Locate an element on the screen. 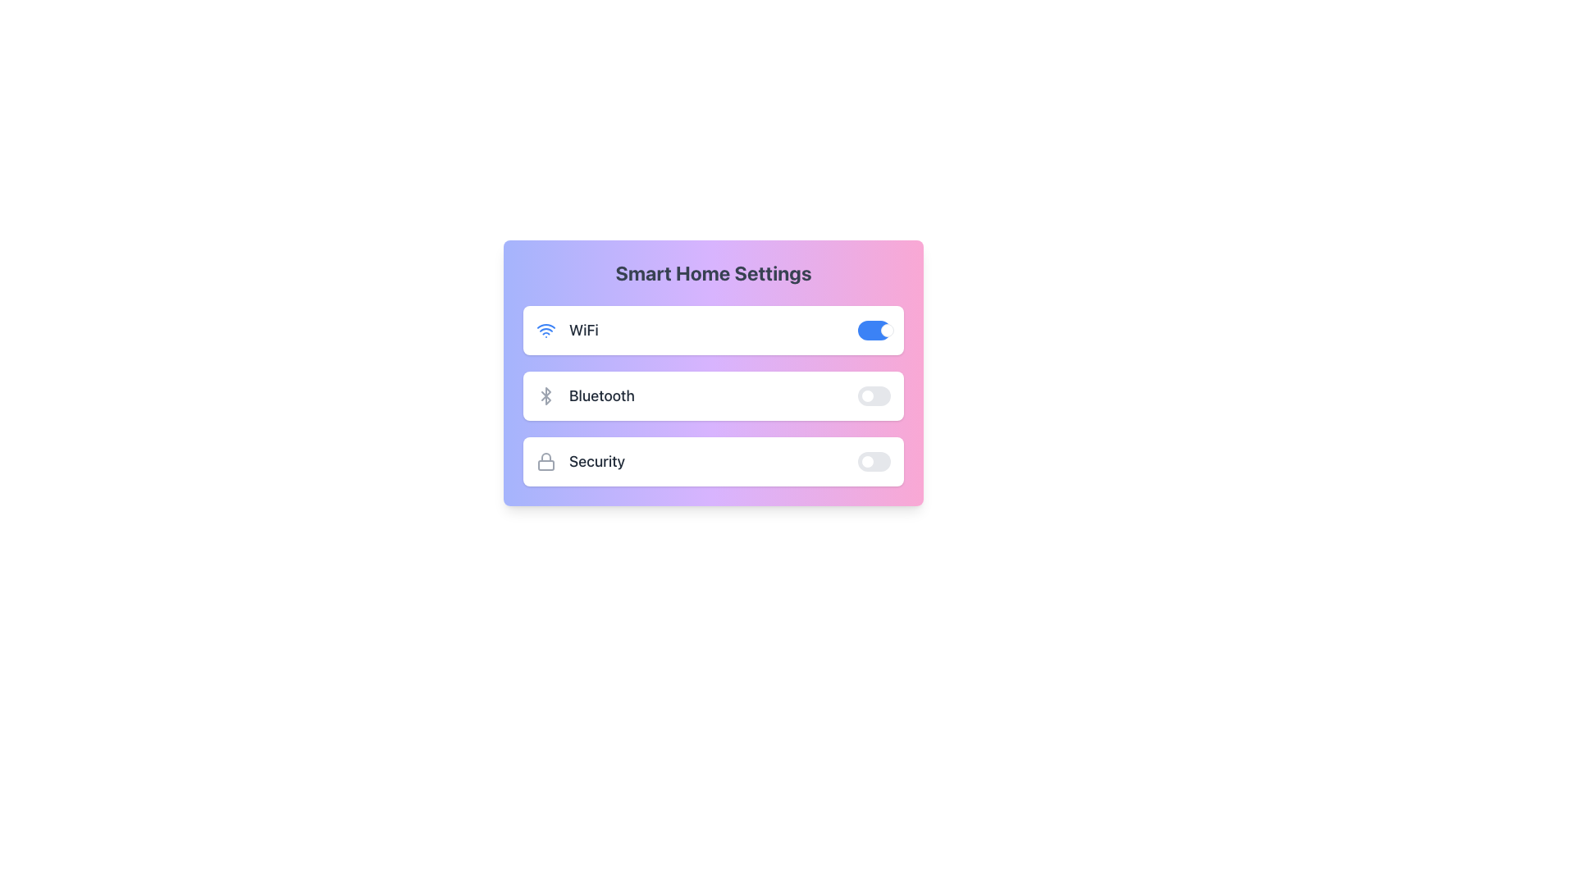  Bluetooth icon, which is a small gray graphical representation located in the second row of the 'Smart Home Settings' panel, to the left of the 'Bluetooth' label is located at coordinates (546, 395).